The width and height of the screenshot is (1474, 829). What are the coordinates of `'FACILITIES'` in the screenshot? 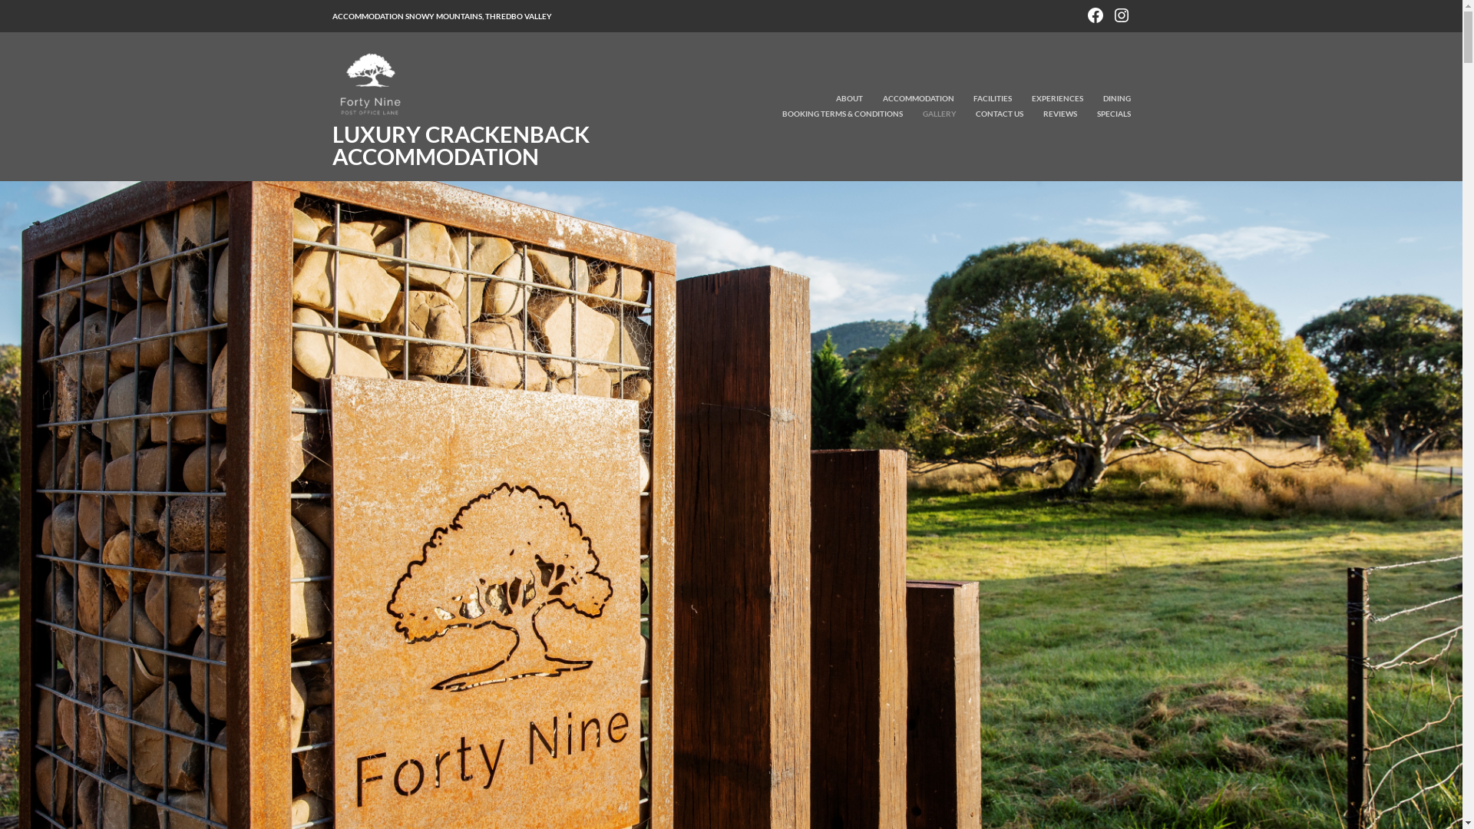 It's located at (983, 98).